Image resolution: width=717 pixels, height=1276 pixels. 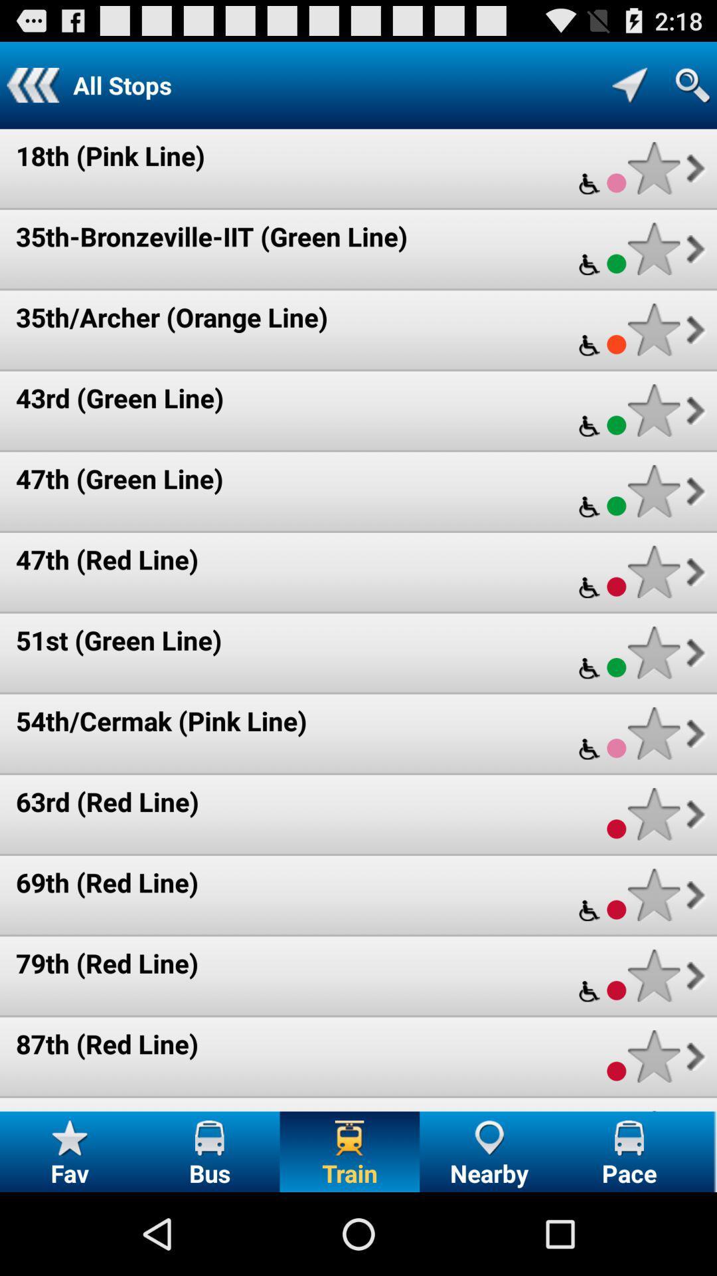 What do you see at coordinates (653, 732) in the screenshot?
I see `as favorite` at bounding box center [653, 732].